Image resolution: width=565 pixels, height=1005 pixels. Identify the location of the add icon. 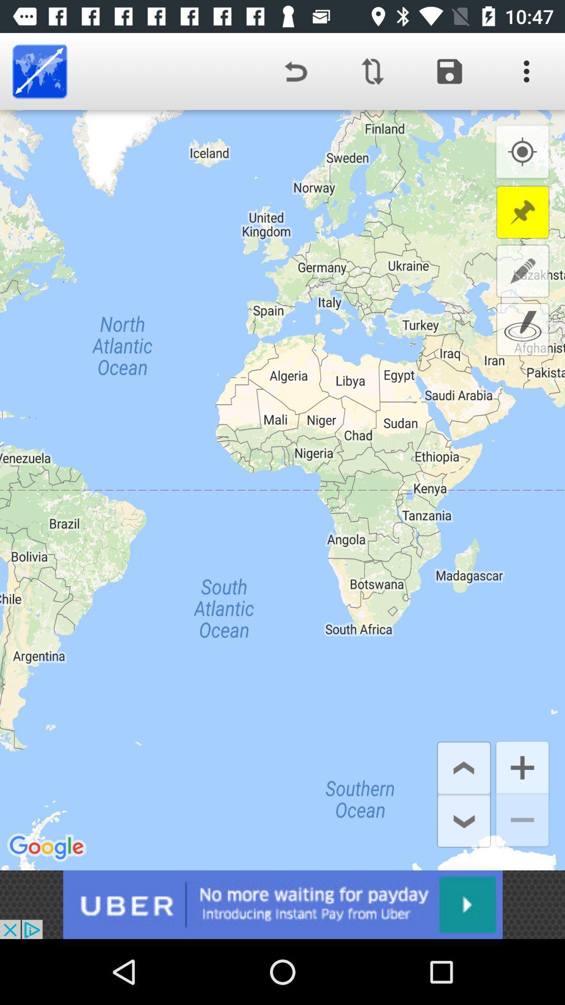
(522, 766).